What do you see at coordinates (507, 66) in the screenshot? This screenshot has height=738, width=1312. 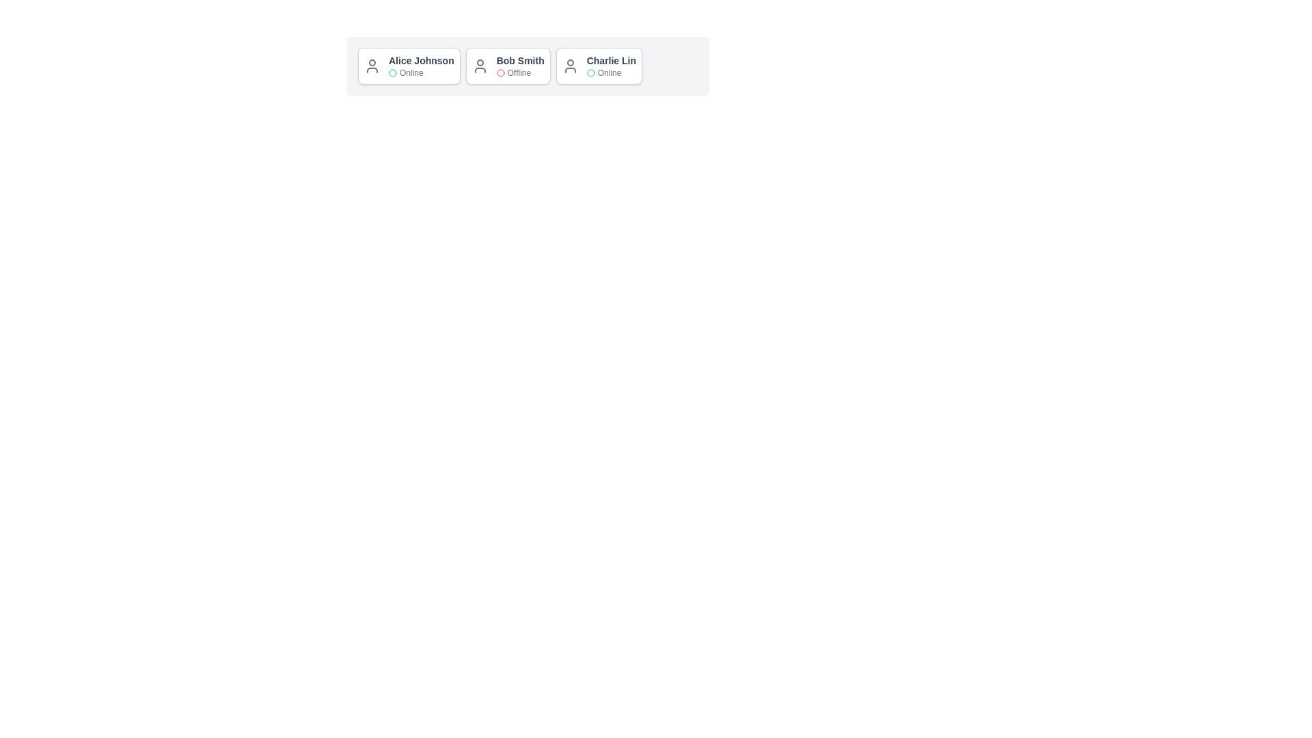 I see `the card of Bob Smith to highlight it` at bounding box center [507, 66].